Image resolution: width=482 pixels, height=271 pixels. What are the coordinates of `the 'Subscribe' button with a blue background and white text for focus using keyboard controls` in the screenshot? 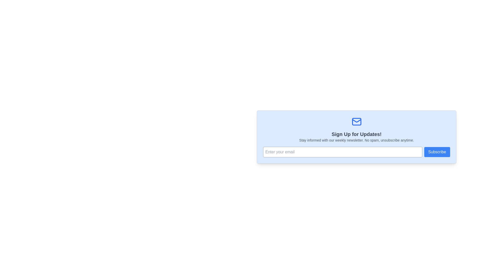 It's located at (437, 152).